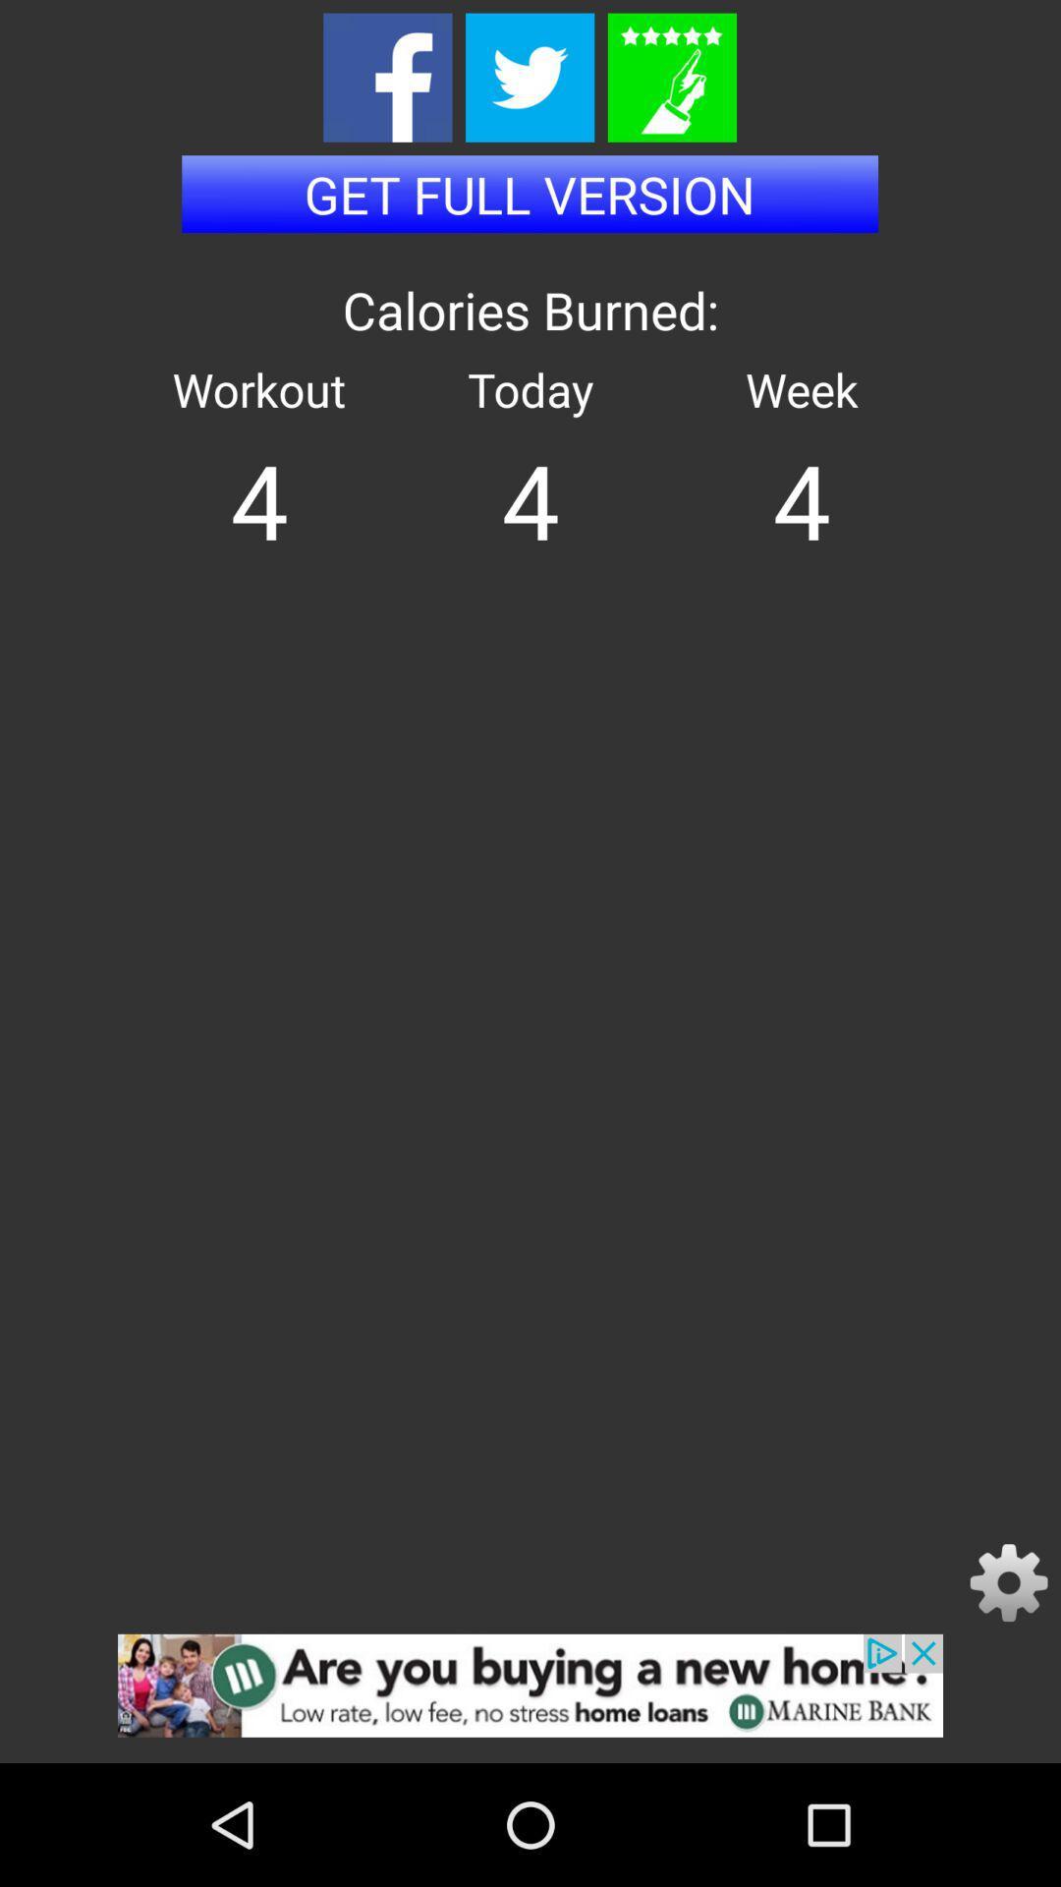 The height and width of the screenshot is (1887, 1061). Describe the element at coordinates (387, 78) in the screenshot. I see `opens facebook page of app` at that location.